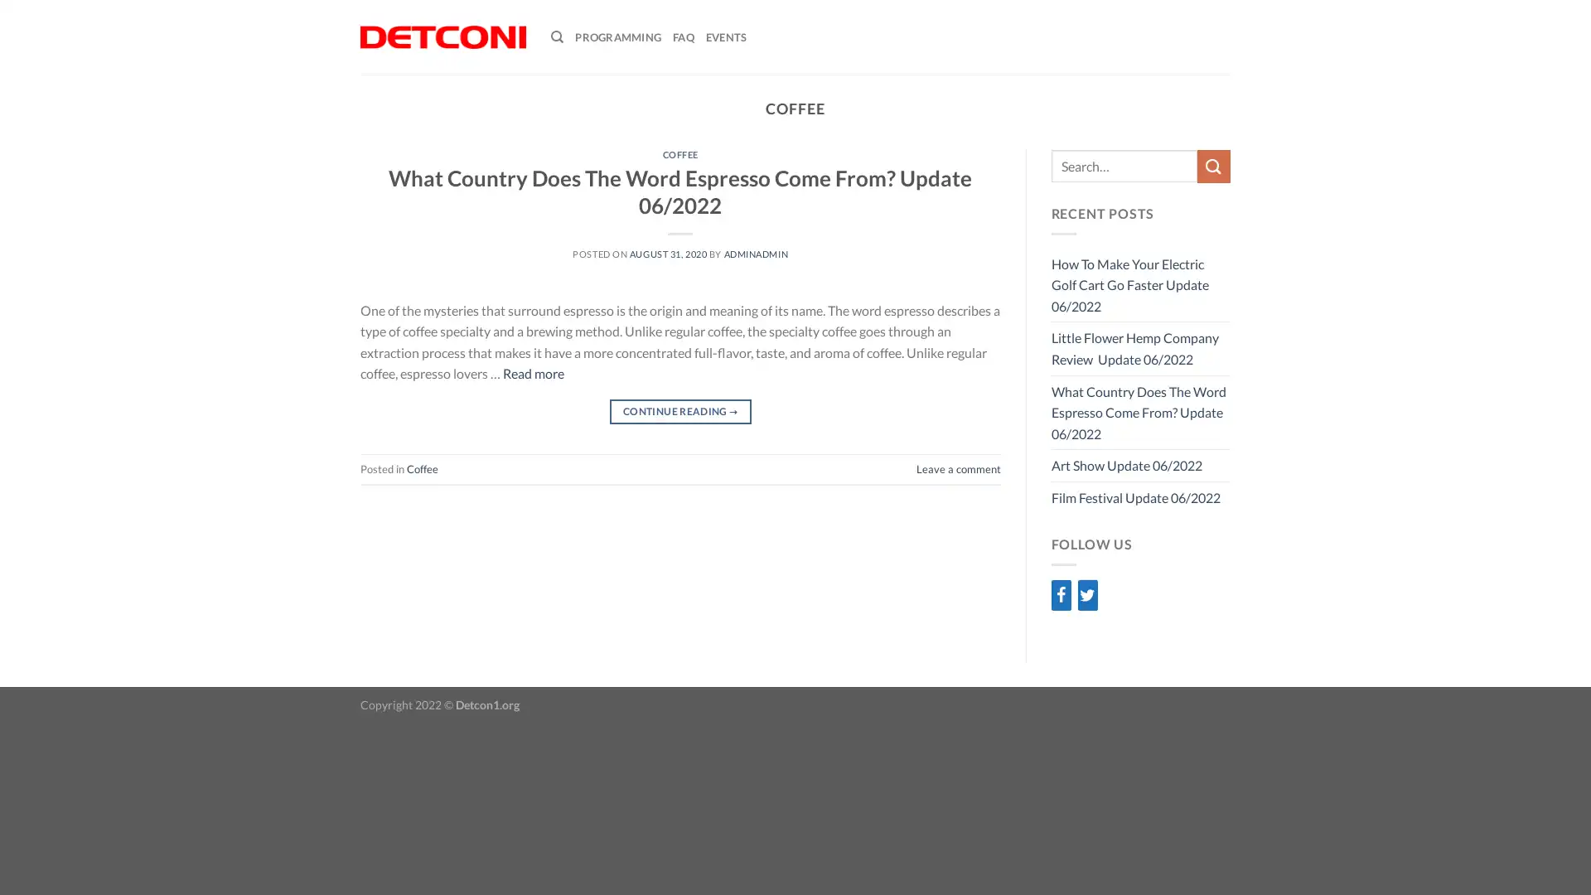  I want to click on Submit, so click(1213, 166).